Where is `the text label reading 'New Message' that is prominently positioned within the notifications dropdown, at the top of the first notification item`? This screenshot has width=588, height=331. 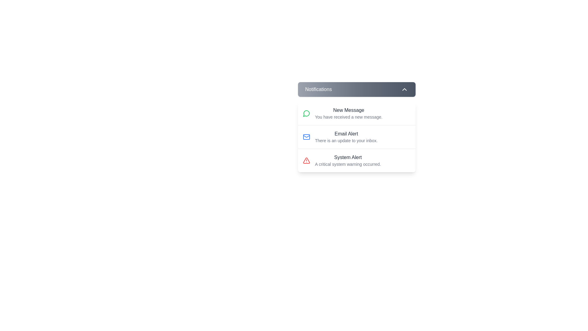
the text label reading 'New Message' that is prominently positioned within the notifications dropdown, at the top of the first notification item is located at coordinates (349, 110).